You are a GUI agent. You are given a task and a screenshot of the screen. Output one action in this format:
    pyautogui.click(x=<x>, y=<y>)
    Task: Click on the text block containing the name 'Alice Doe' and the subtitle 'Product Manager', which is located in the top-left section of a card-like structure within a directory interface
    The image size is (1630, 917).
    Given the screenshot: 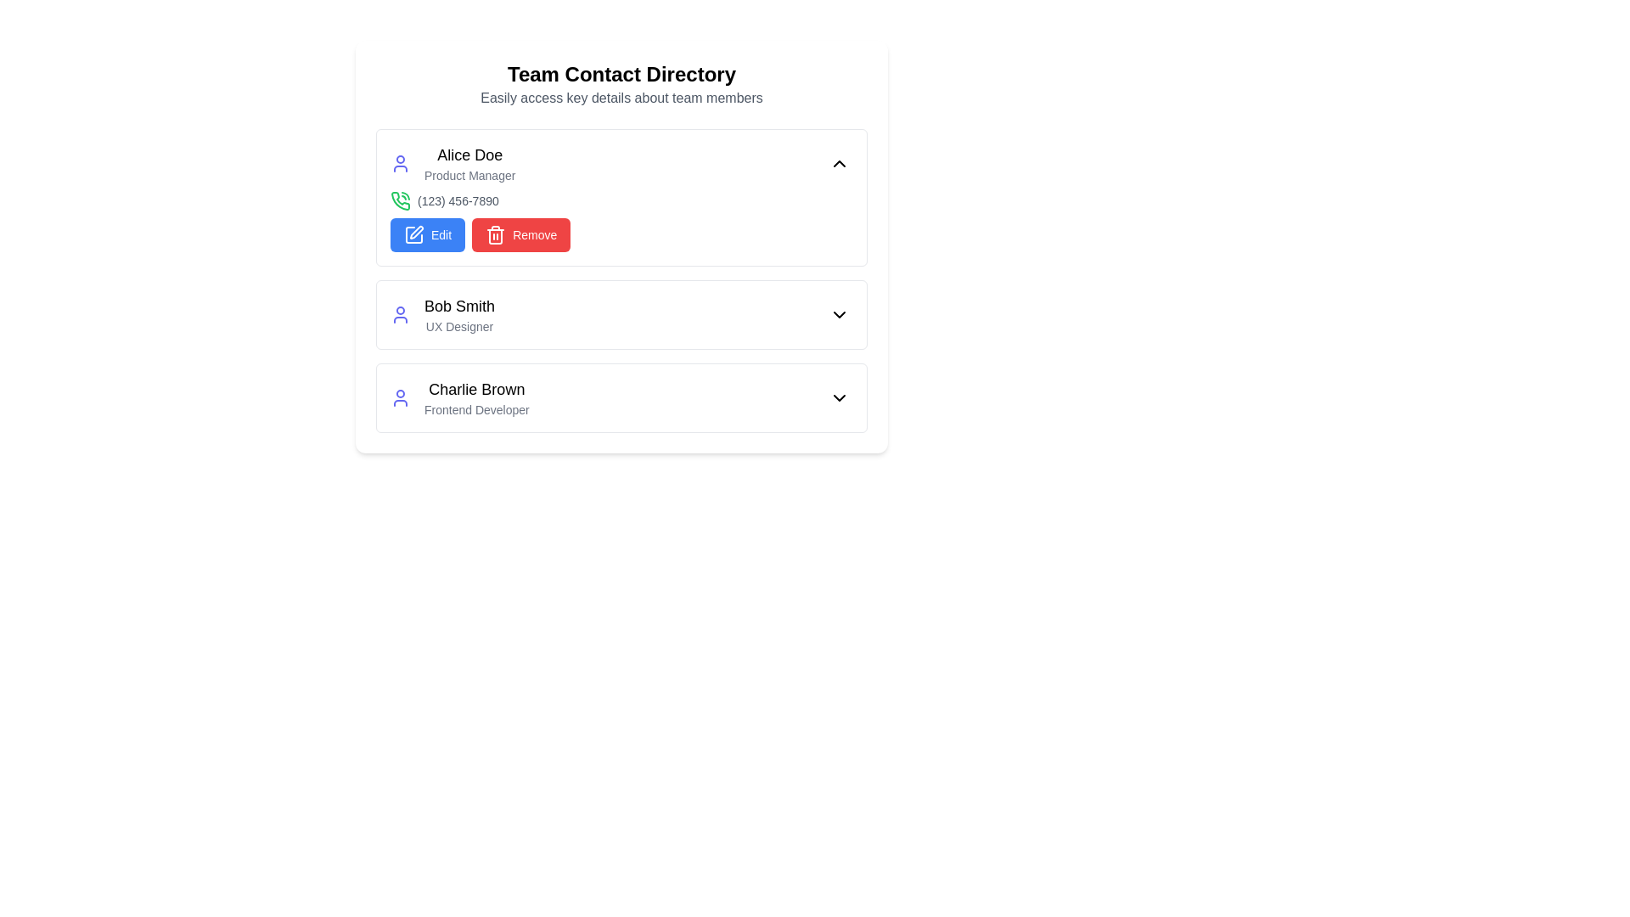 What is the action you would take?
    pyautogui.click(x=469, y=163)
    